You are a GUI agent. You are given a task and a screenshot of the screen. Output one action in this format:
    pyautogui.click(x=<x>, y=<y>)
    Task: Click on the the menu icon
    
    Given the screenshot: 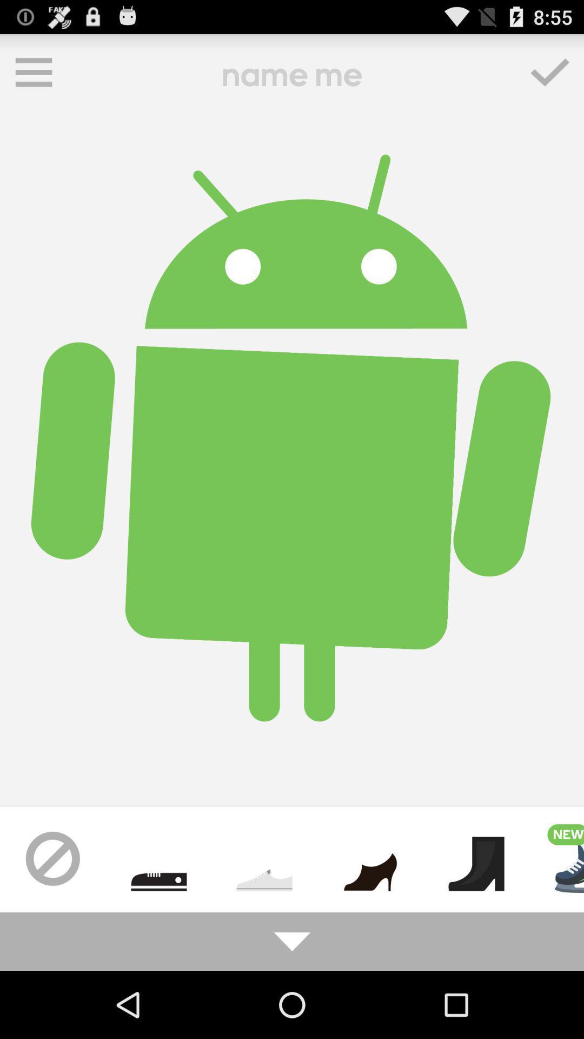 What is the action you would take?
    pyautogui.click(x=33, y=77)
    